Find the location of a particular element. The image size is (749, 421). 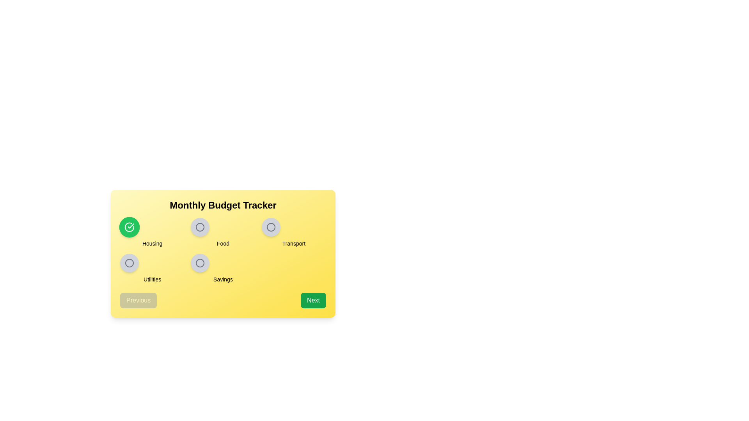

the circular UI indicator located near the bottom-left of the interface, directly to the right of the 'Utilities' label is located at coordinates (129, 263).